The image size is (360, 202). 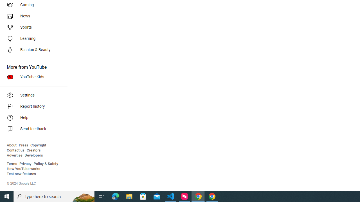 What do you see at coordinates (33, 155) in the screenshot?
I see `'Developers'` at bounding box center [33, 155].